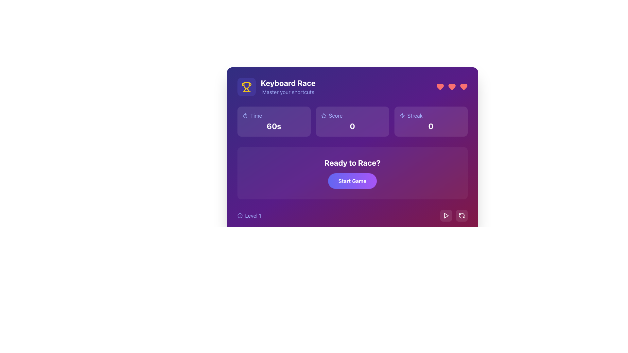 This screenshot has height=353, width=628. Describe the element at coordinates (402, 115) in the screenshot. I see `the lightning bolt icon, which is a small white icon on a purple background, located to the left of the text 'Streak' in the third column of the card layout` at that location.